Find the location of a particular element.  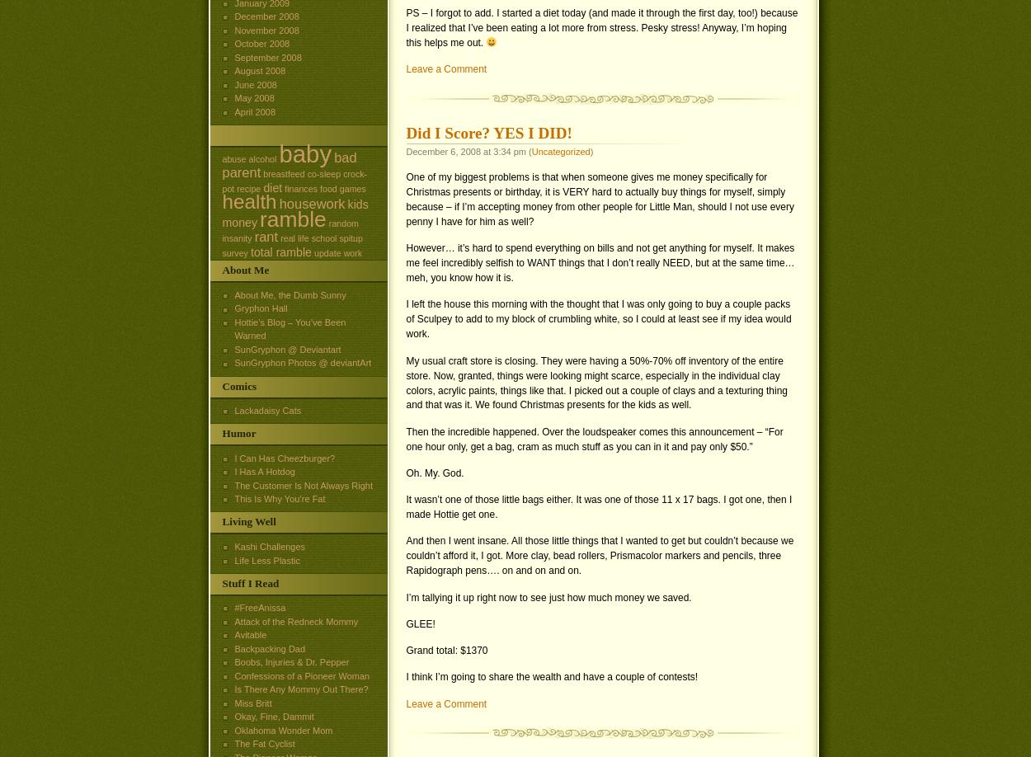

'Confessions of a Pioneer Woman' is located at coordinates (301, 675).